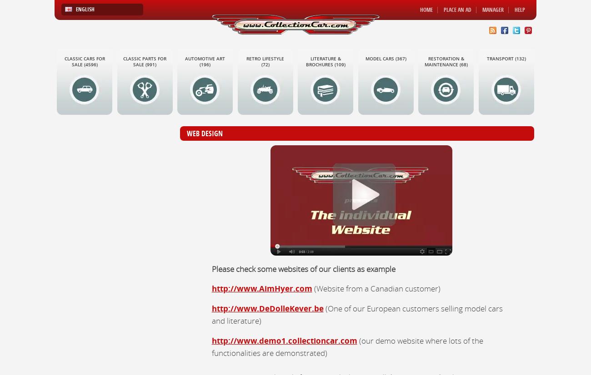 The image size is (591, 375). Describe the element at coordinates (346, 345) in the screenshot. I see `'(our demo website where lots of the functionalities are demonstrated)'` at that location.